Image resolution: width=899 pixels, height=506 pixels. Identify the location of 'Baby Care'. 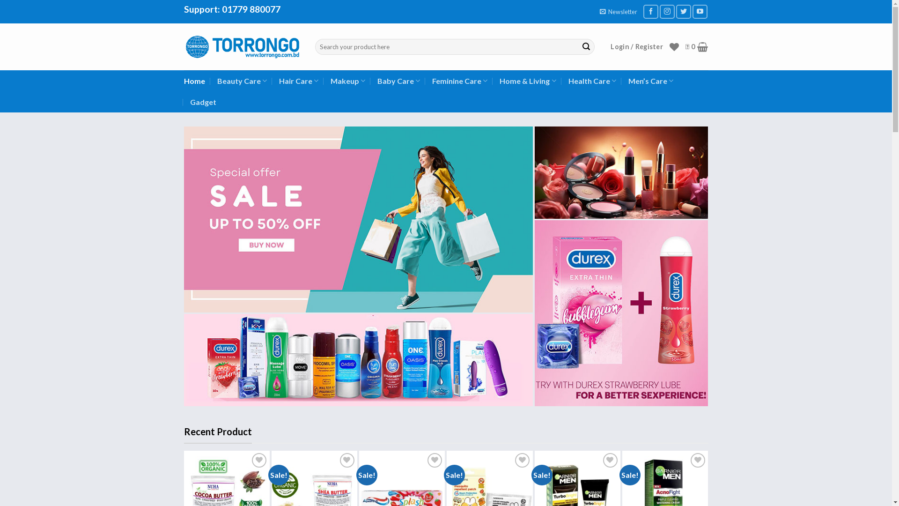
(377, 80).